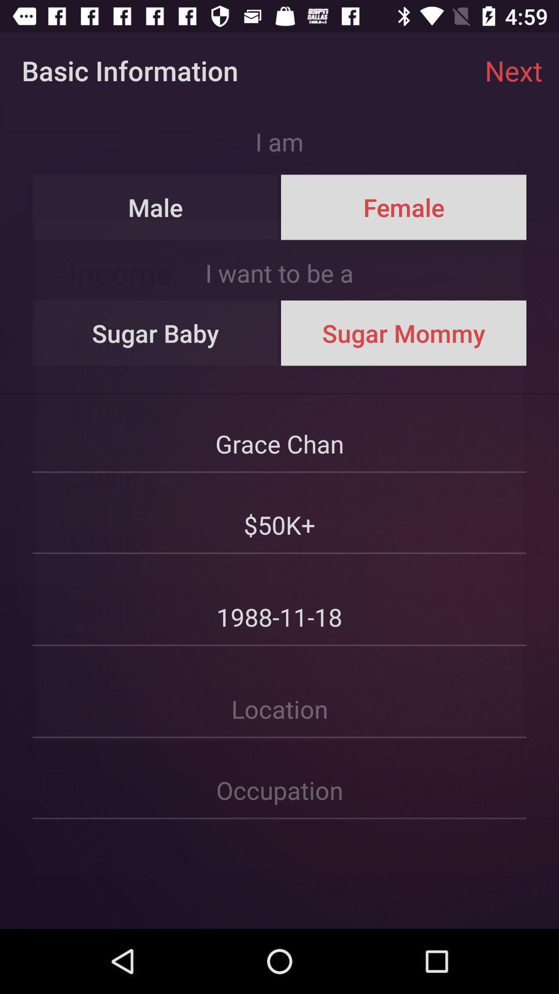 The height and width of the screenshot is (994, 559). I want to click on the icon to the right of sugar baby item, so click(403, 333).